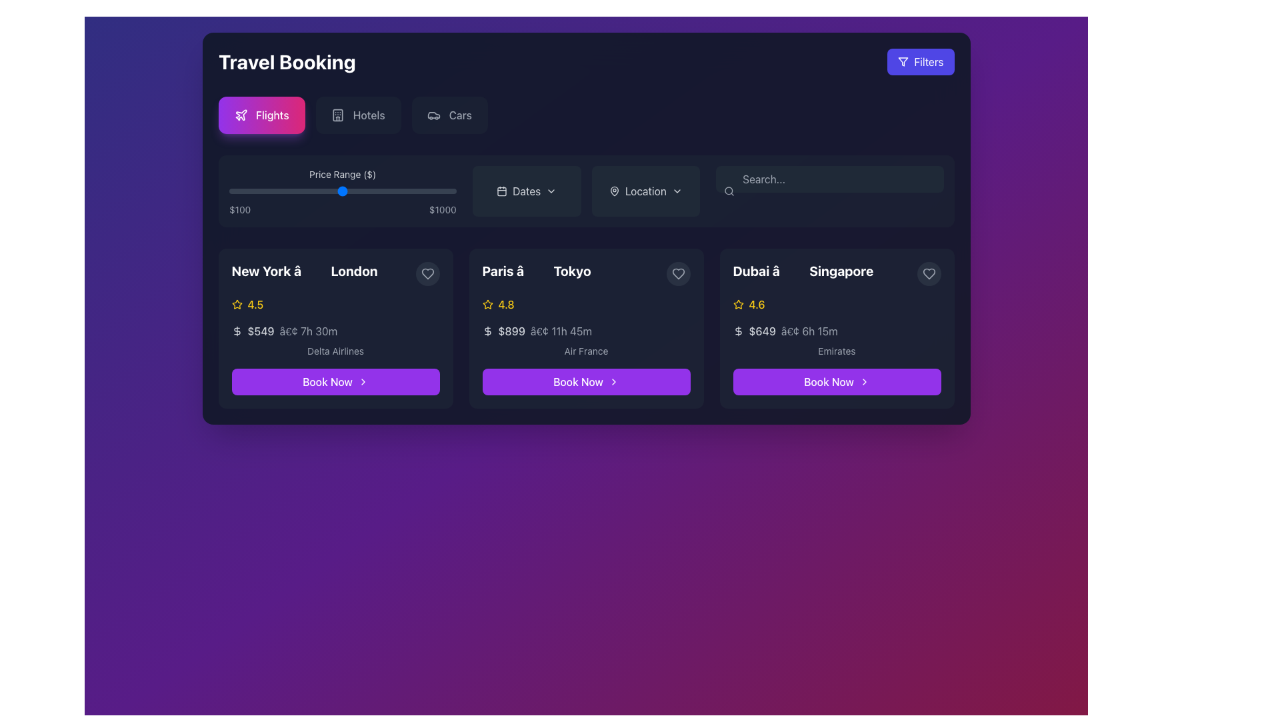  I want to click on the star icon with a yellow outline next to the rating text '4.5' in the top-left corner of the first travel card for additional information, so click(237, 304).